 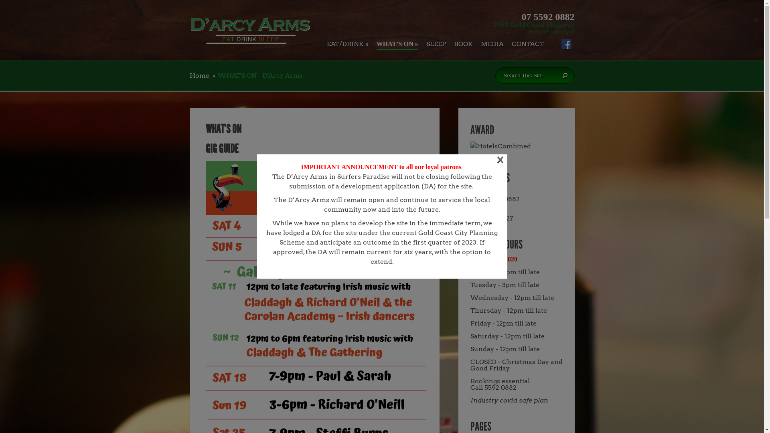 I want to click on 'BOOK', so click(x=463, y=46).